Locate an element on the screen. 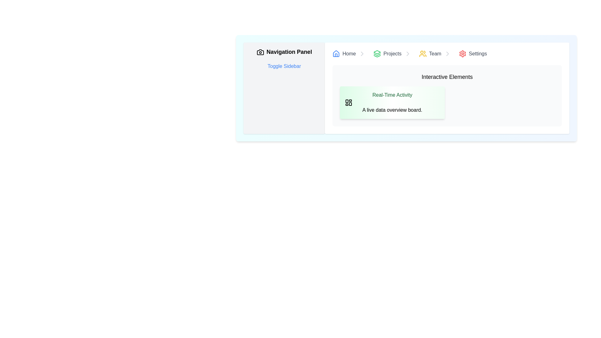 The width and height of the screenshot is (601, 338). the 'Home' navigation icon located in the top navigation bar is located at coordinates (336, 54).